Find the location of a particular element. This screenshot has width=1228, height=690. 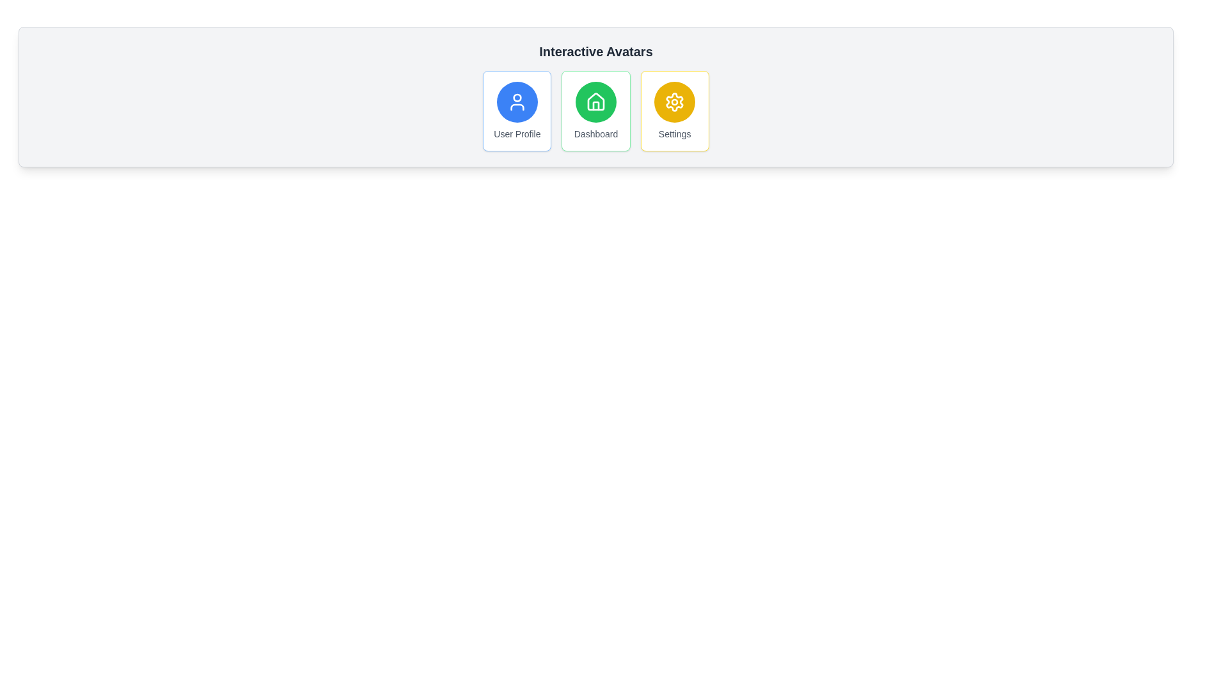

the circular green icon featuring a white house illustration, positioned centrally between 'User Profile' and 'Settings' is located at coordinates (595, 101).